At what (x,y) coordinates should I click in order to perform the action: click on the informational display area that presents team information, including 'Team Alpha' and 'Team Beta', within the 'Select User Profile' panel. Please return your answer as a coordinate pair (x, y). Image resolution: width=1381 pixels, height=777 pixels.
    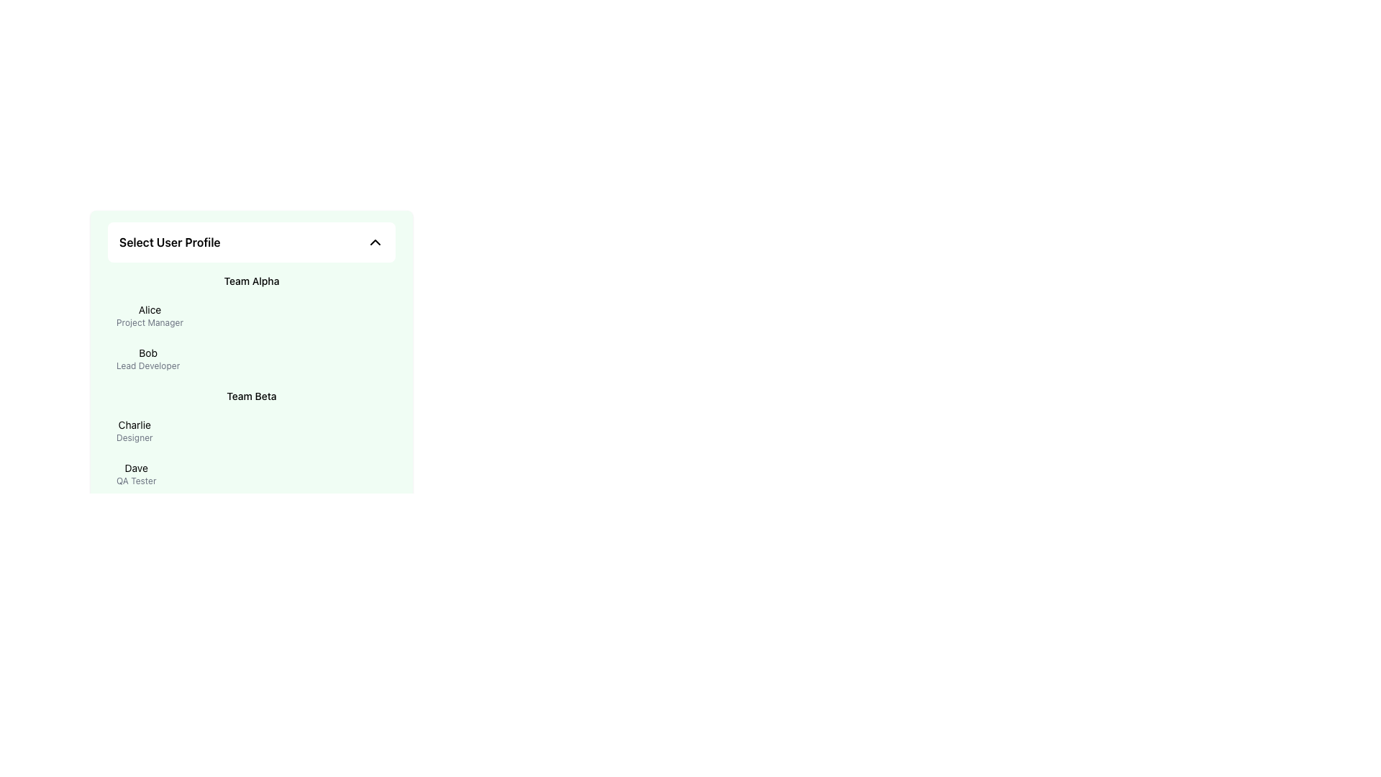
    Looking at the image, I should click on (252, 384).